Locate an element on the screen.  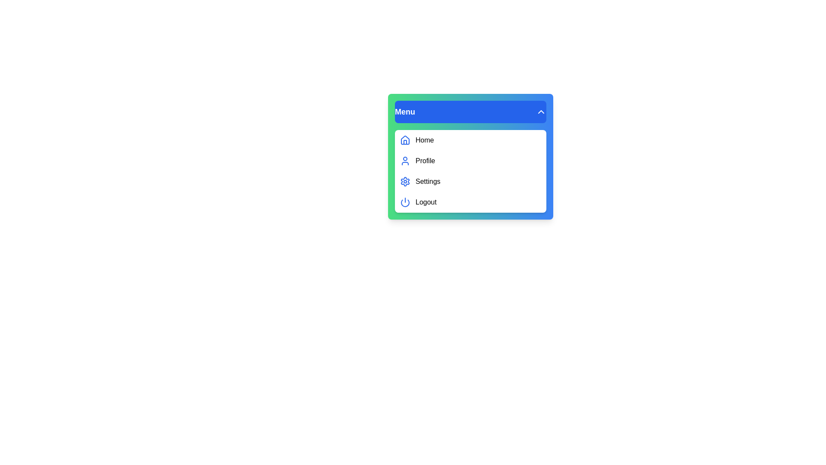
'Menu' button to toggle the menu's visibility is located at coordinates (470, 111).